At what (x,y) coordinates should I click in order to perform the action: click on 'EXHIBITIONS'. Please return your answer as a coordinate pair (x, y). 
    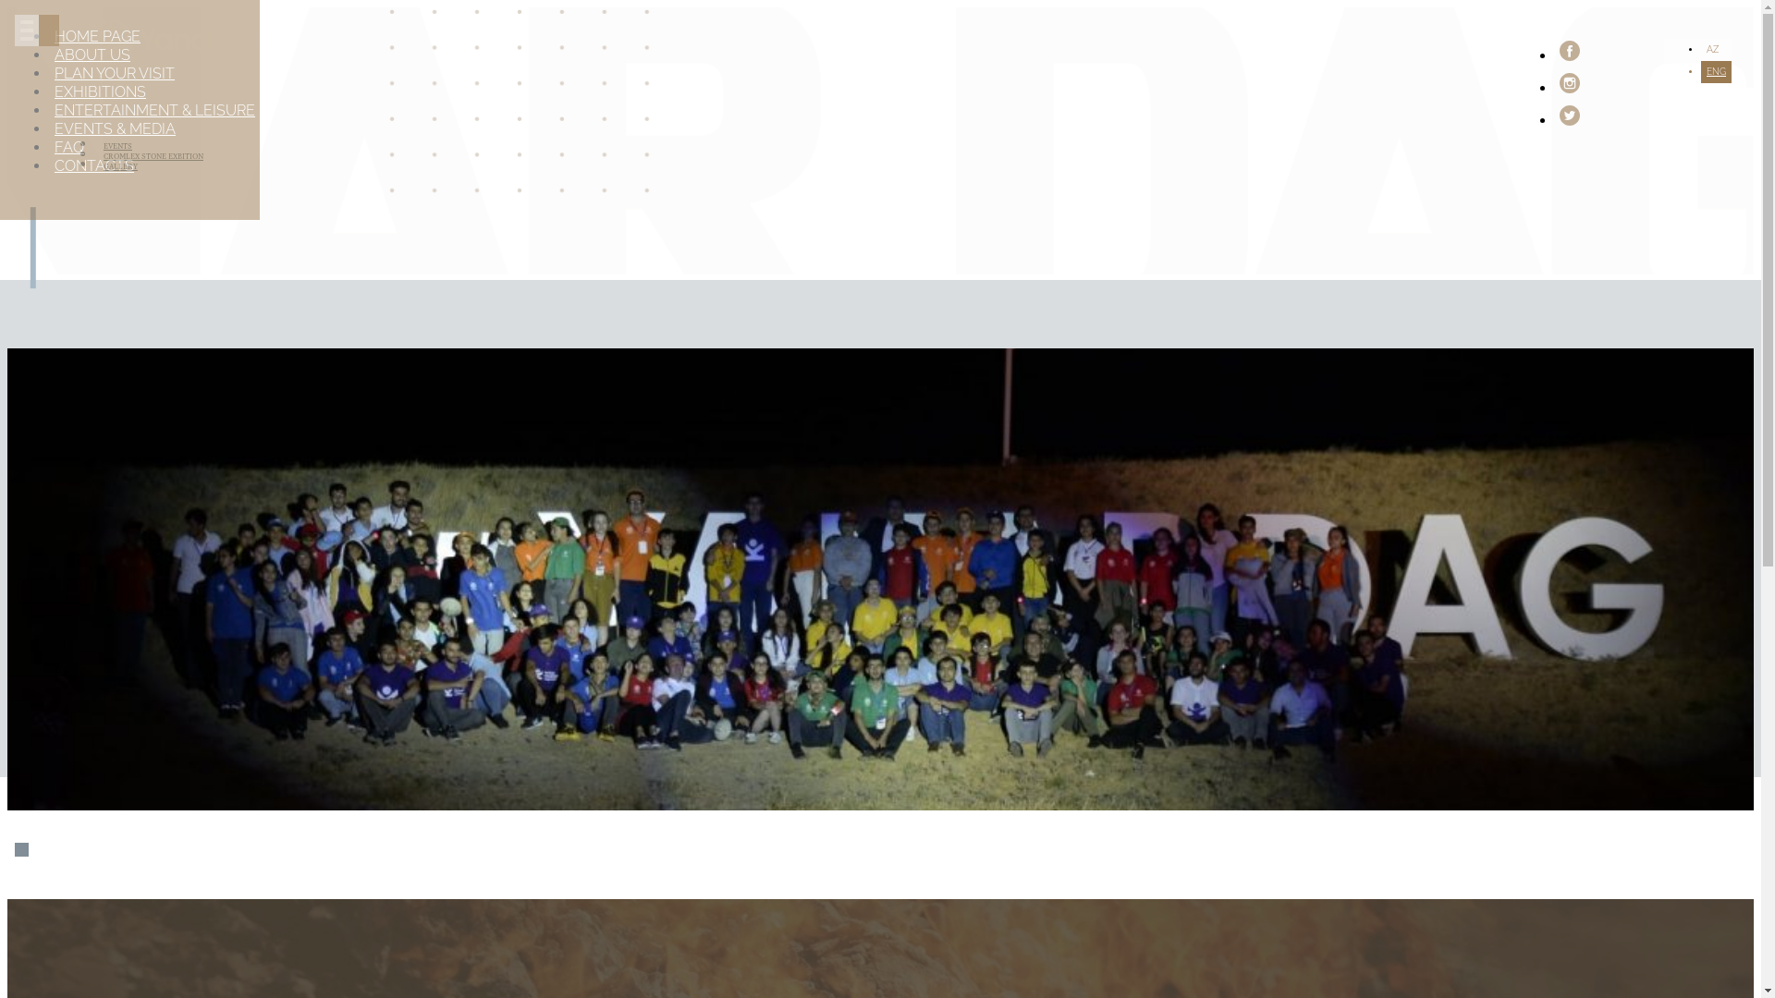
    Looking at the image, I should click on (54, 91).